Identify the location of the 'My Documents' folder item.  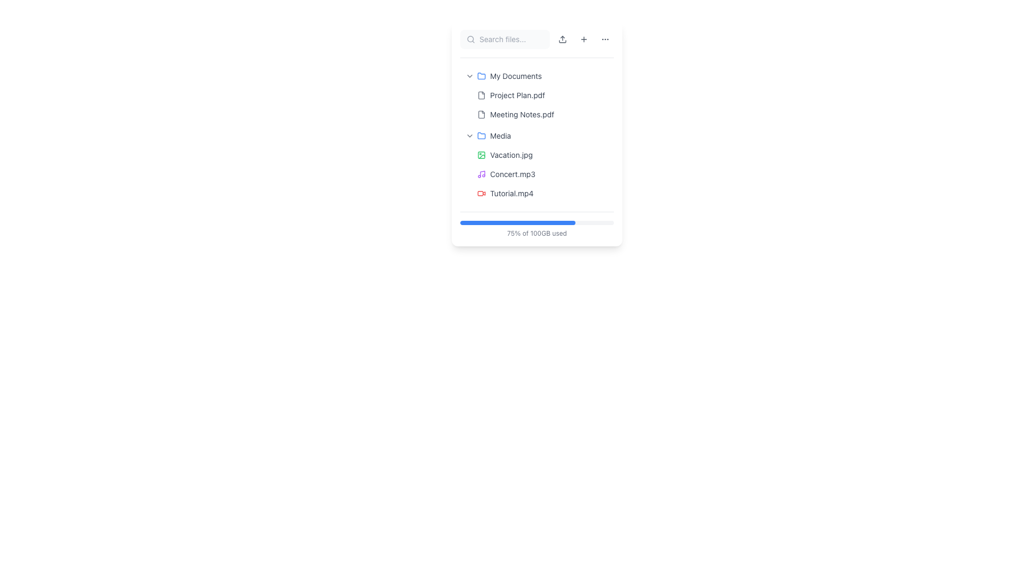
(537, 75).